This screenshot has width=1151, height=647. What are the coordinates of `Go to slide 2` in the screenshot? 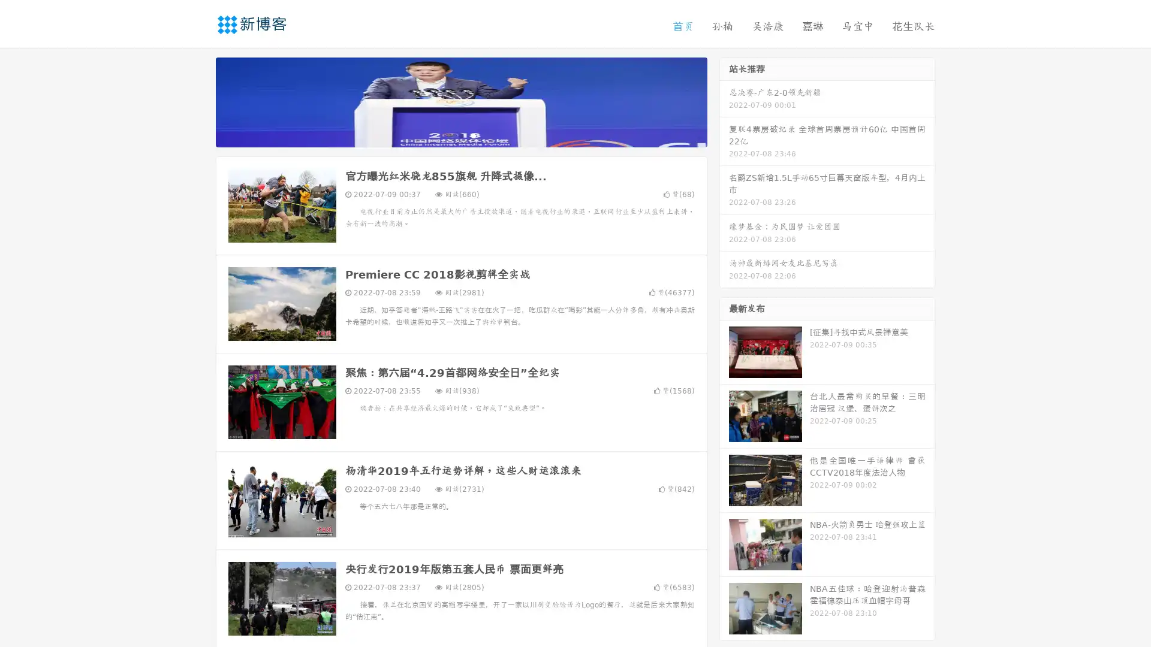 It's located at (460, 135).